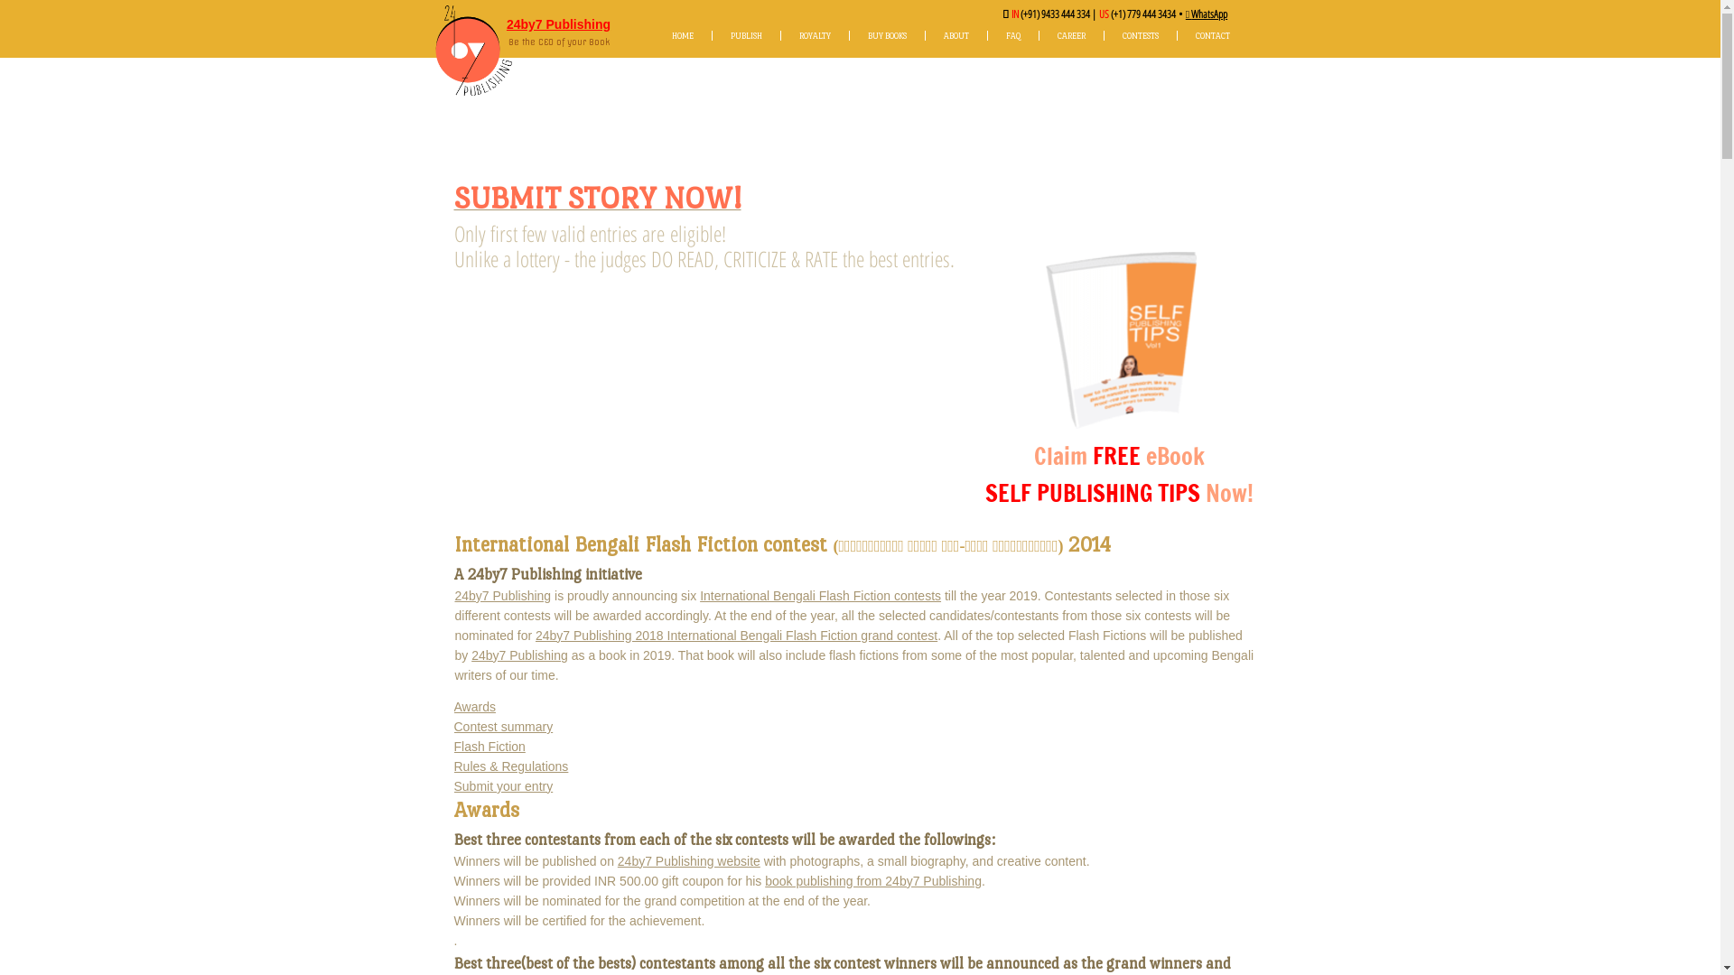  I want to click on 'CAREER', so click(1039, 35).